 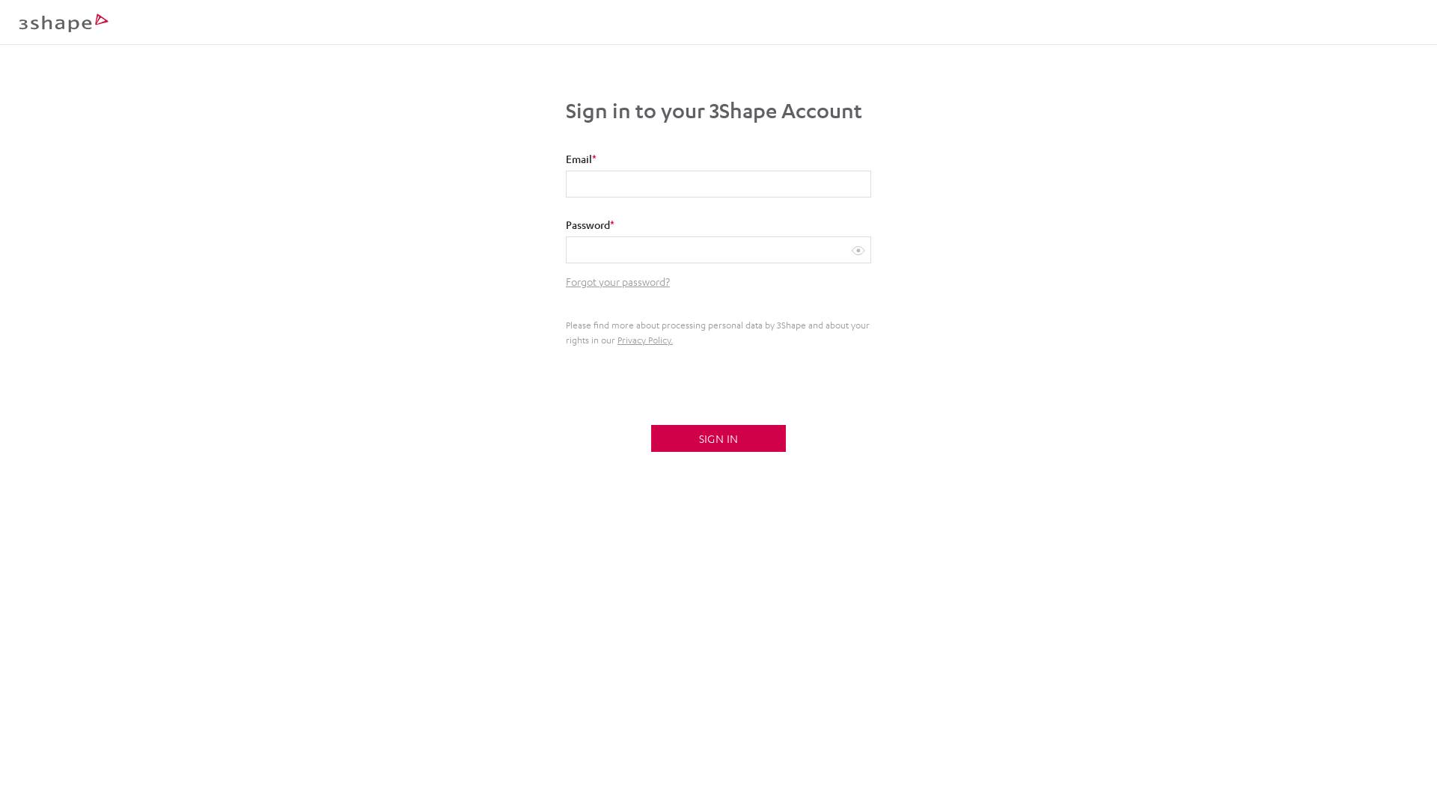 What do you see at coordinates (564, 281) in the screenshot?
I see `'Forgot your password?'` at bounding box center [564, 281].